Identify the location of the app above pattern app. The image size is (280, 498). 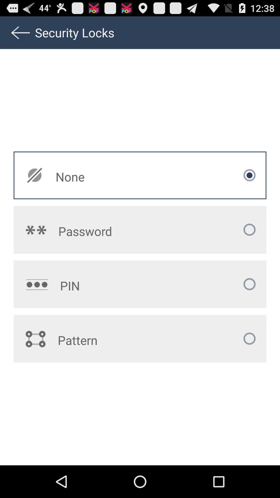
(111, 285).